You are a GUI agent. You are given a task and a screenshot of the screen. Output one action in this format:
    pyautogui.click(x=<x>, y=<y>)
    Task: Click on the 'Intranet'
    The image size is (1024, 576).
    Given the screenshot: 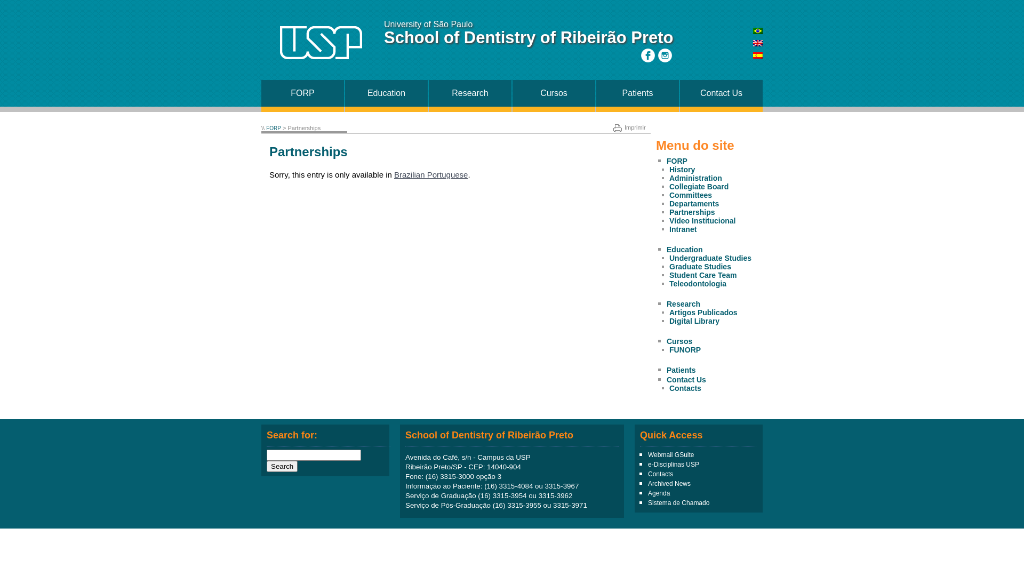 What is the action you would take?
    pyautogui.click(x=683, y=228)
    